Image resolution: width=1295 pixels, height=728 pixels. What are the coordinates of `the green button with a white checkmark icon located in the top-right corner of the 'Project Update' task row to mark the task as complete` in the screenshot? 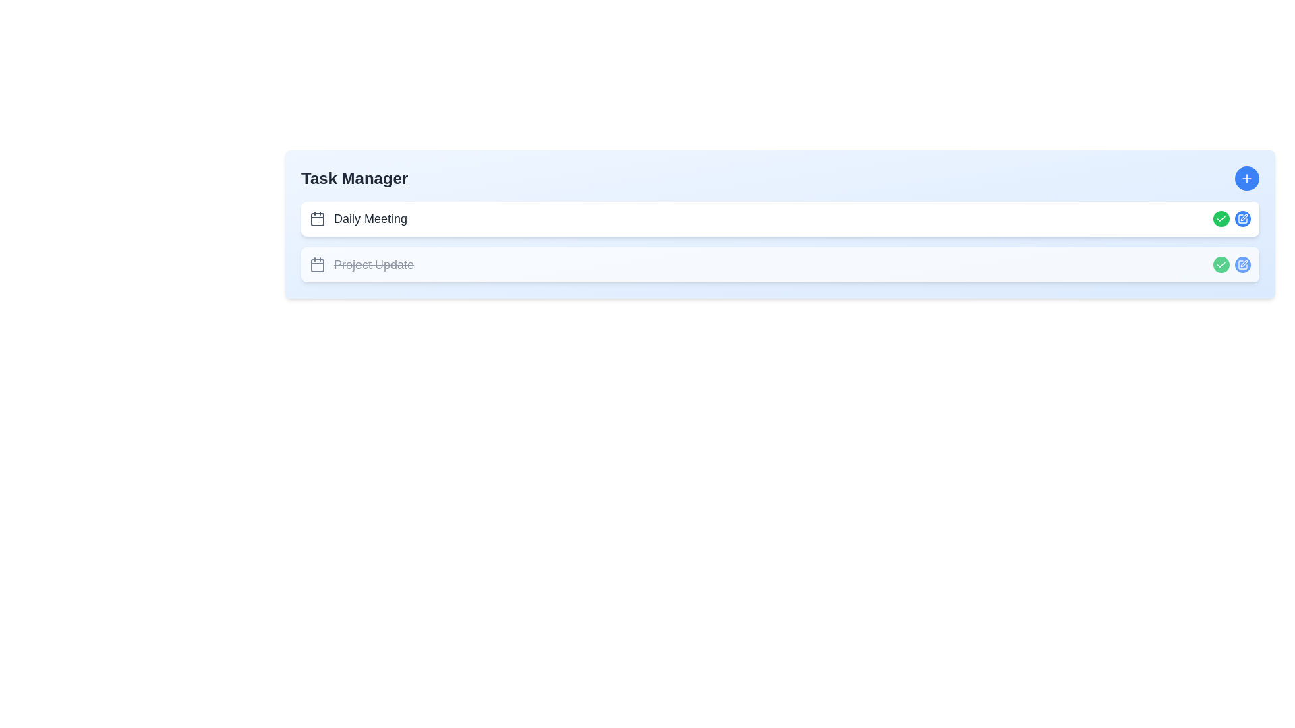 It's located at (1221, 218).